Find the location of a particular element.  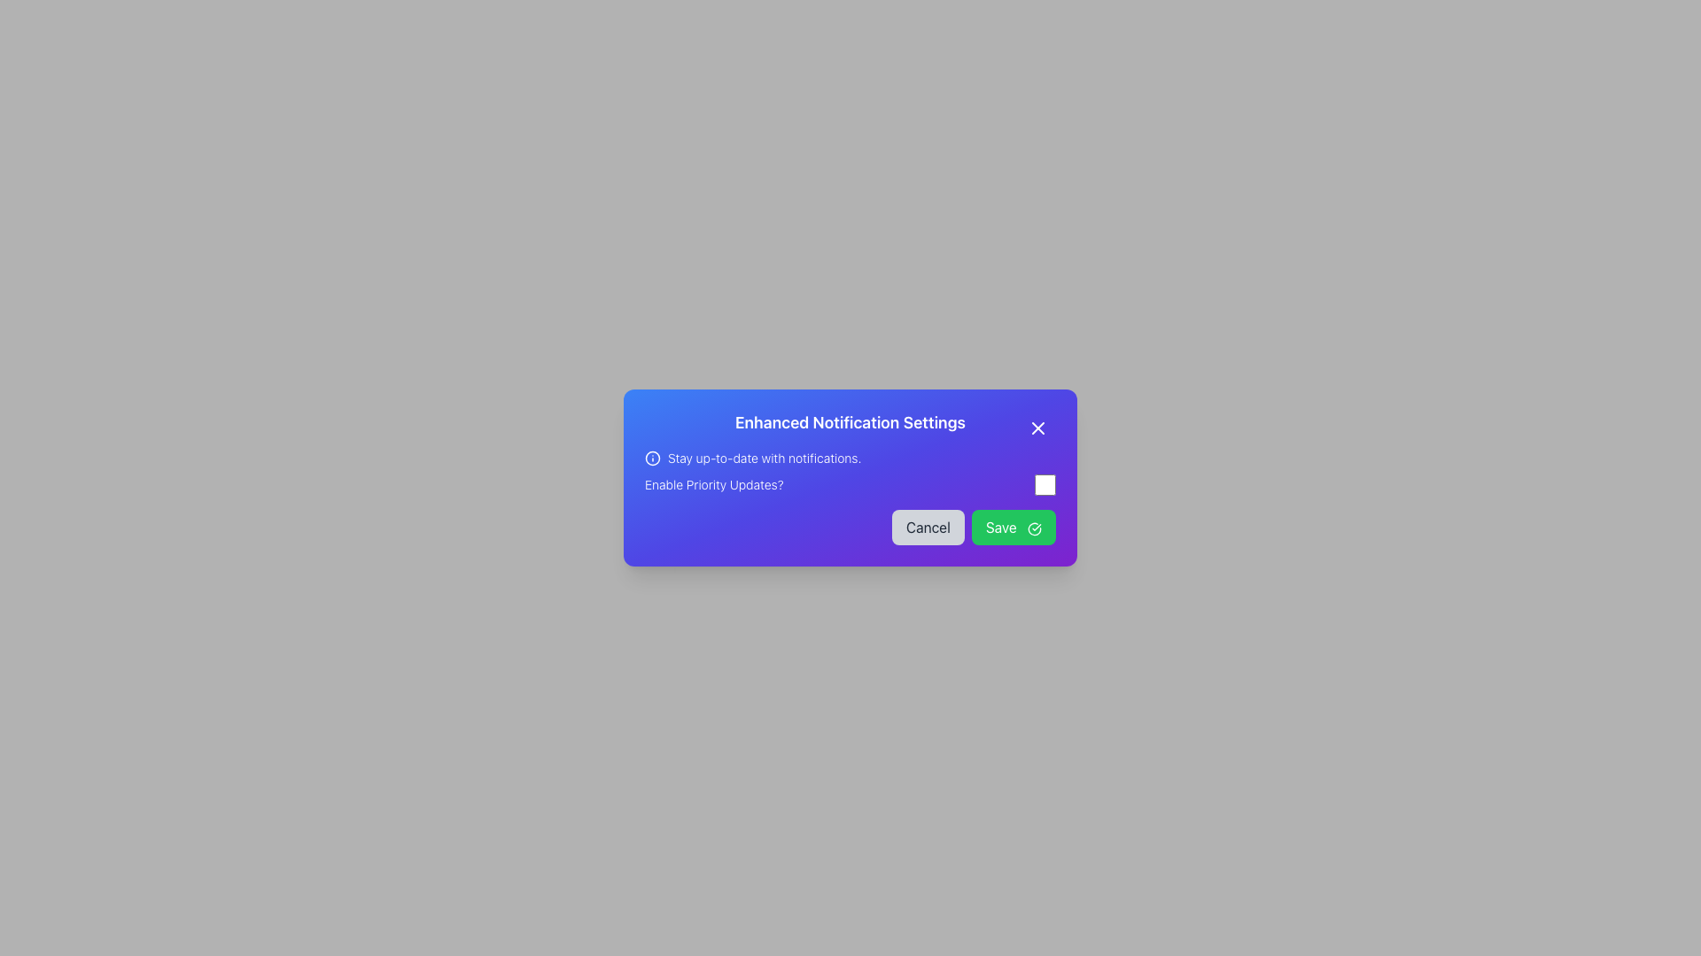

the informational icon in the 'Stay up-to-date with notifications.' text is located at coordinates (850, 457).